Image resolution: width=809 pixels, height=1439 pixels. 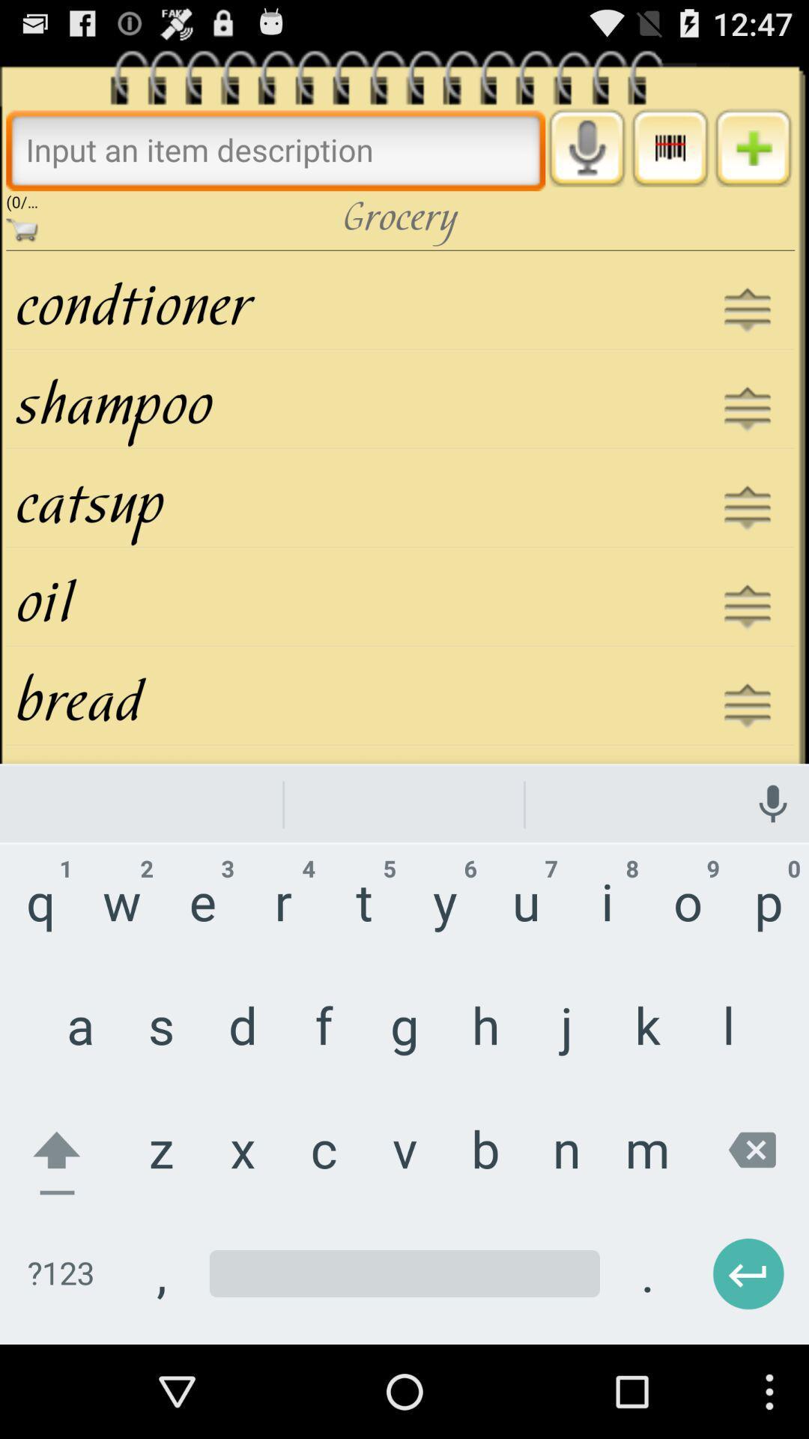 I want to click on the microphone icon, so click(x=586, y=158).